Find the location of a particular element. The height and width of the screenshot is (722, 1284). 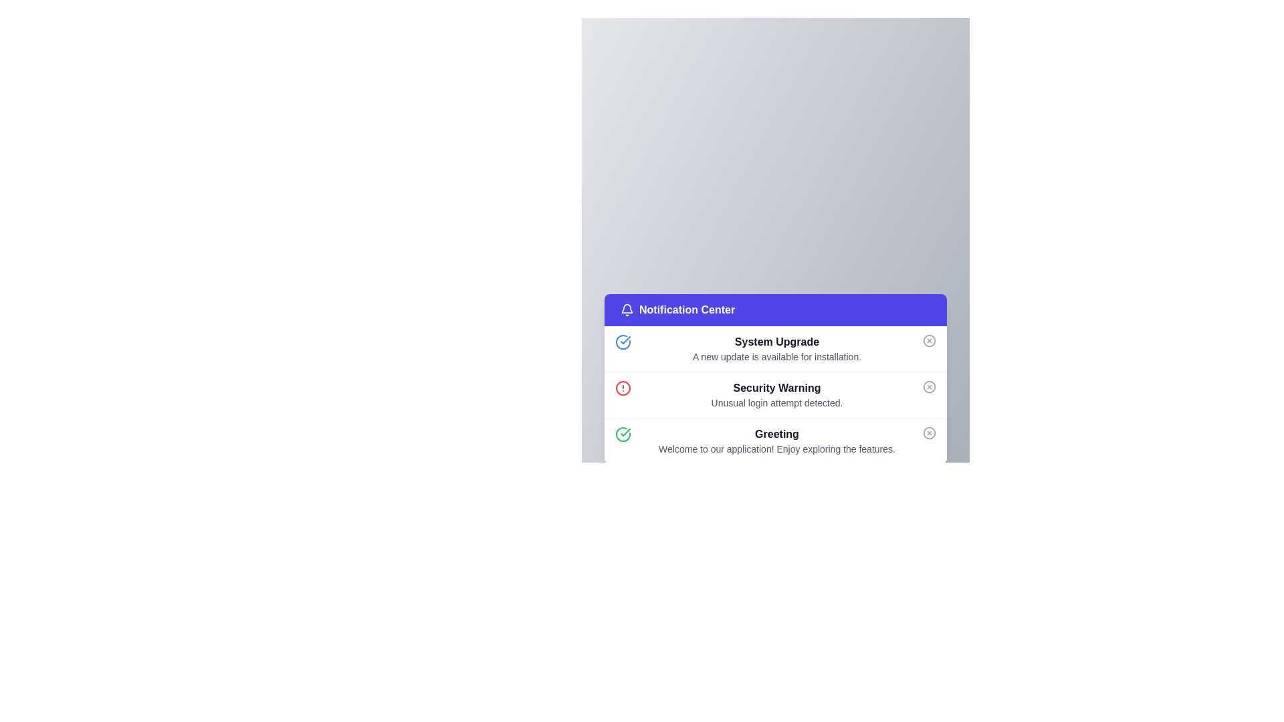

the circular vector graphic component that is part of the 'System Upgrade' notification in the upper-right of the notification list is located at coordinates (929, 340).